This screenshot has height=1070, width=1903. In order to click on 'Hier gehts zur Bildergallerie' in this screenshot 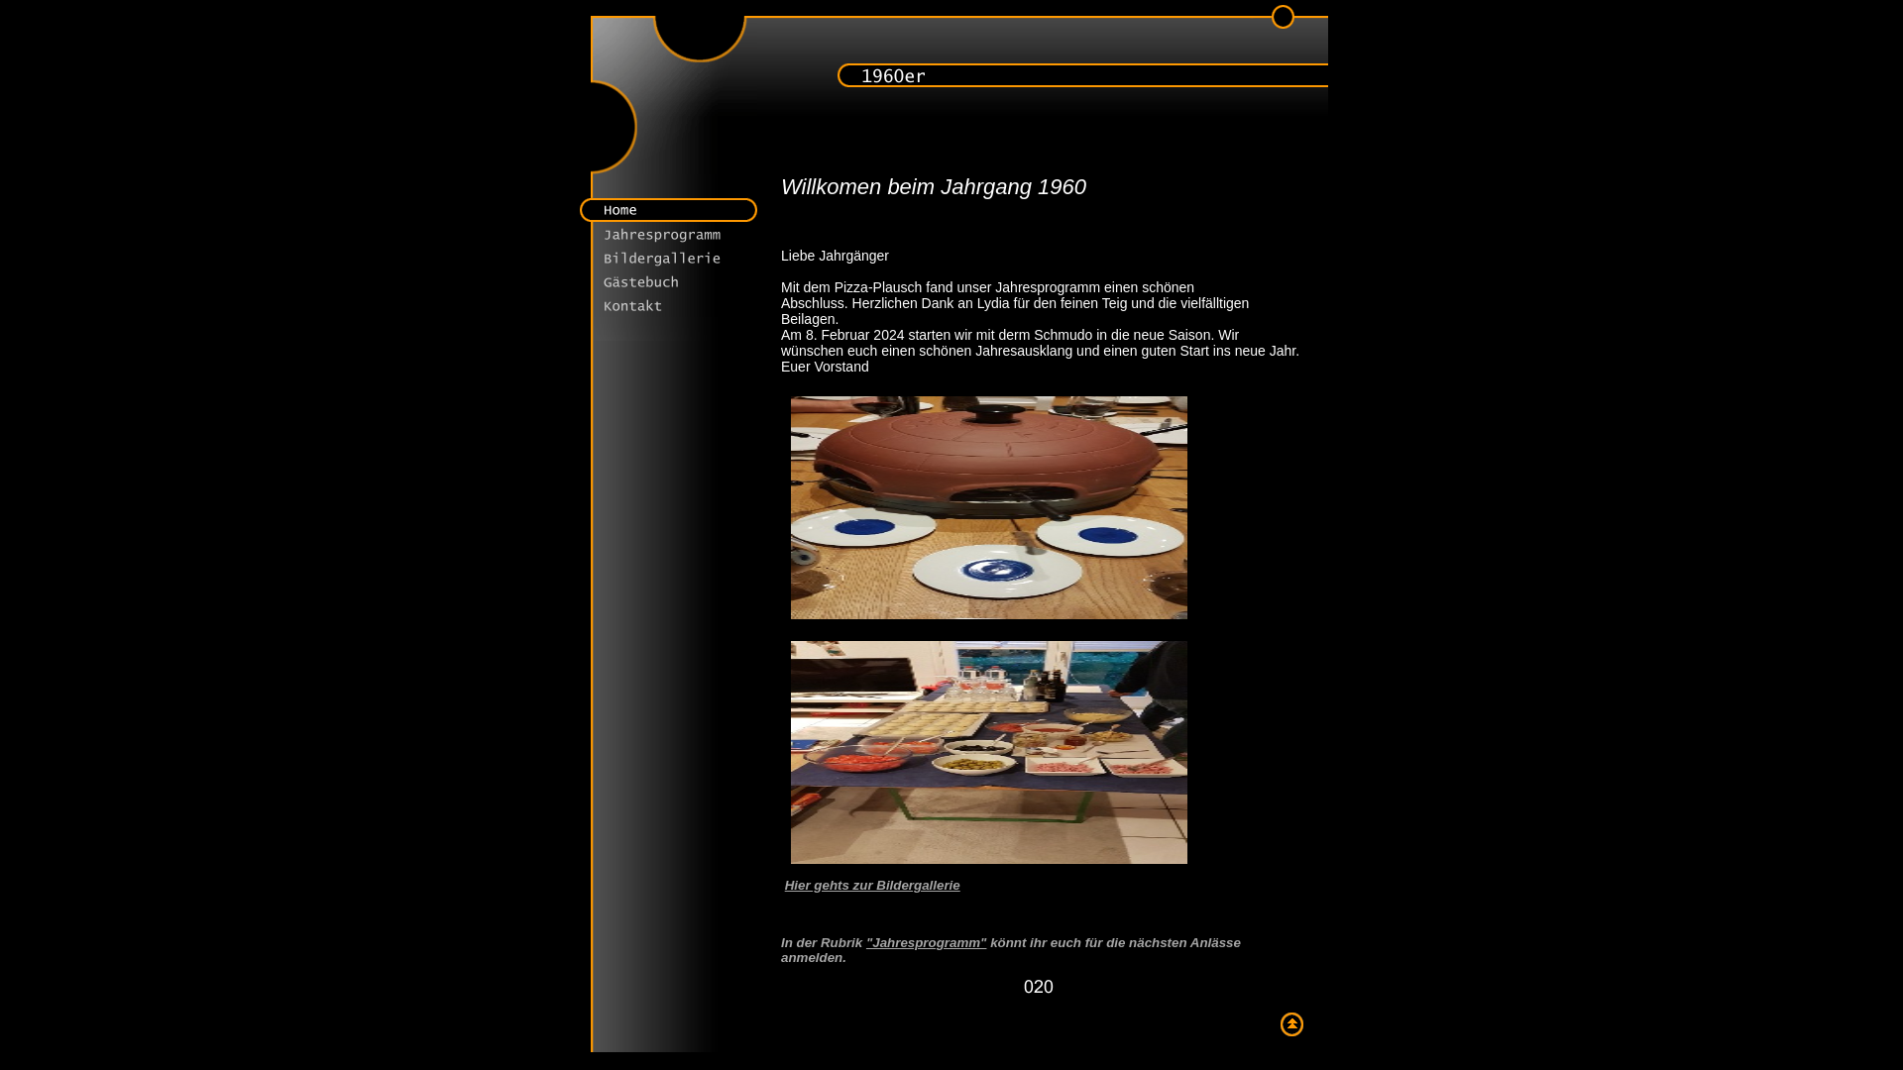, I will do `click(872, 884)`.